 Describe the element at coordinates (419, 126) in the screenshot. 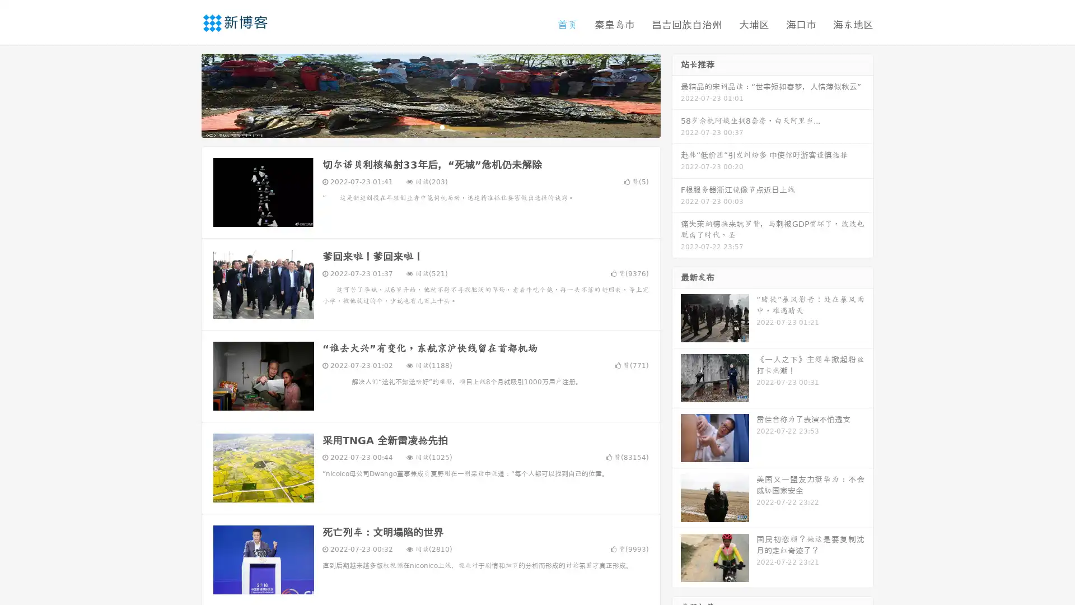

I see `Go to slide 1` at that location.